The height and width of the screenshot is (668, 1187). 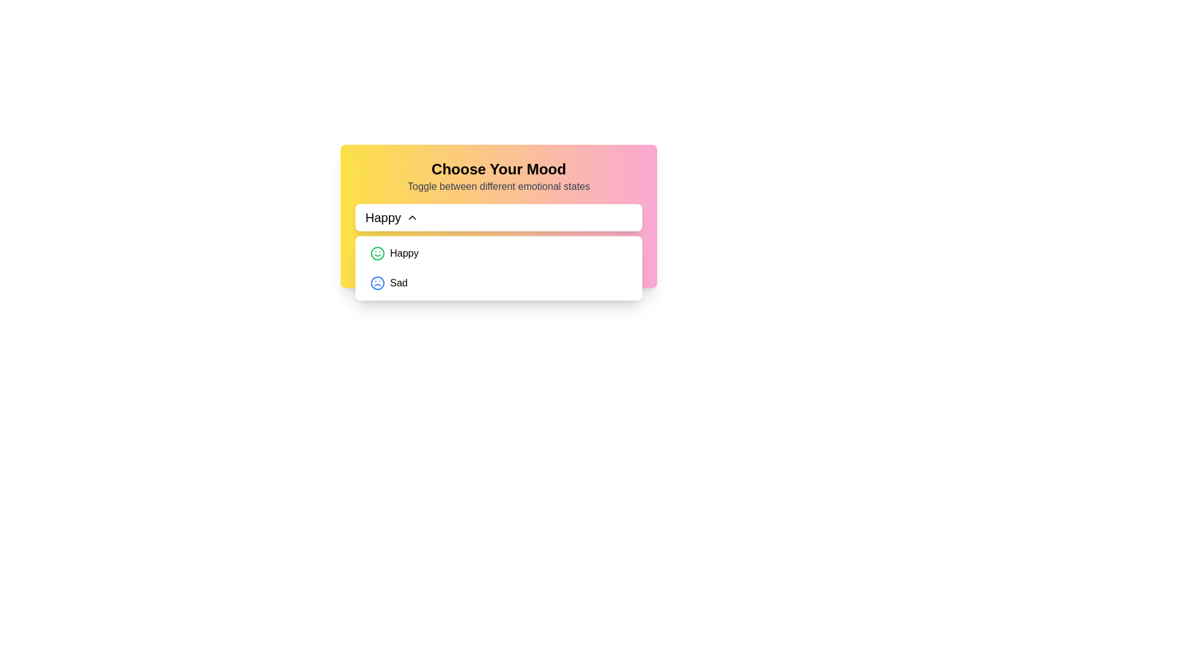 What do you see at coordinates (498, 283) in the screenshot?
I see `the 'Sad' option in the mood selection dropdown menu to trigger the visual hover effect` at bounding box center [498, 283].